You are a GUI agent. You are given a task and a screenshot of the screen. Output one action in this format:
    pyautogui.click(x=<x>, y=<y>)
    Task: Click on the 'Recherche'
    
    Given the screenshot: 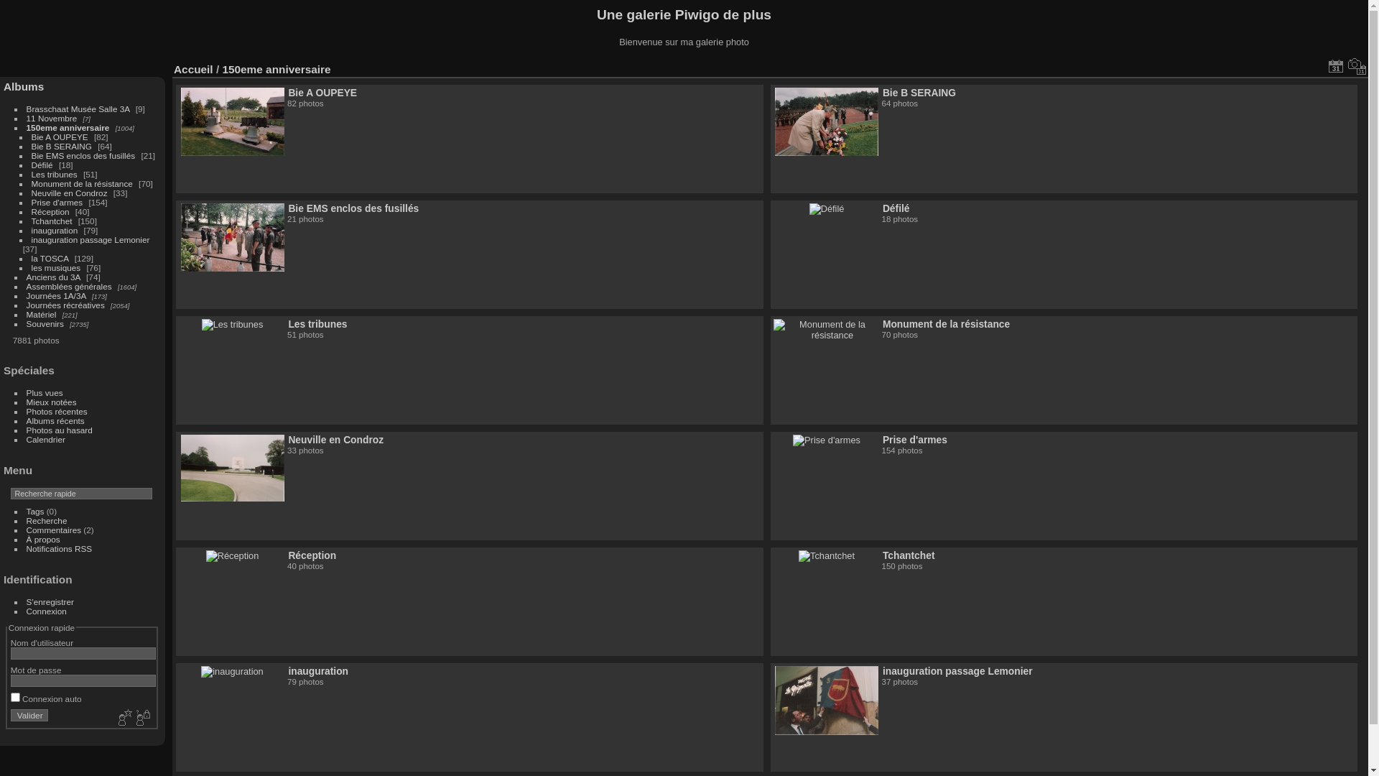 What is the action you would take?
    pyautogui.click(x=47, y=520)
    